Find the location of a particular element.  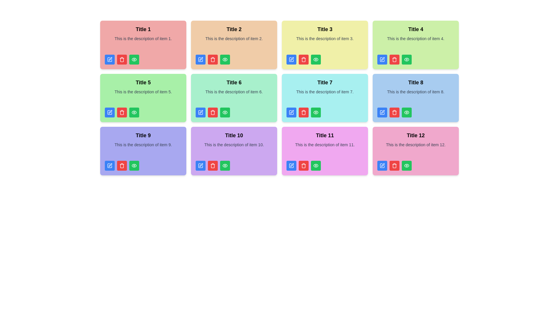

the interactive buttons on the informational card located in the third row, first column, which is beneath 'Title 5' and left of 'Title 10' is located at coordinates (143, 151).